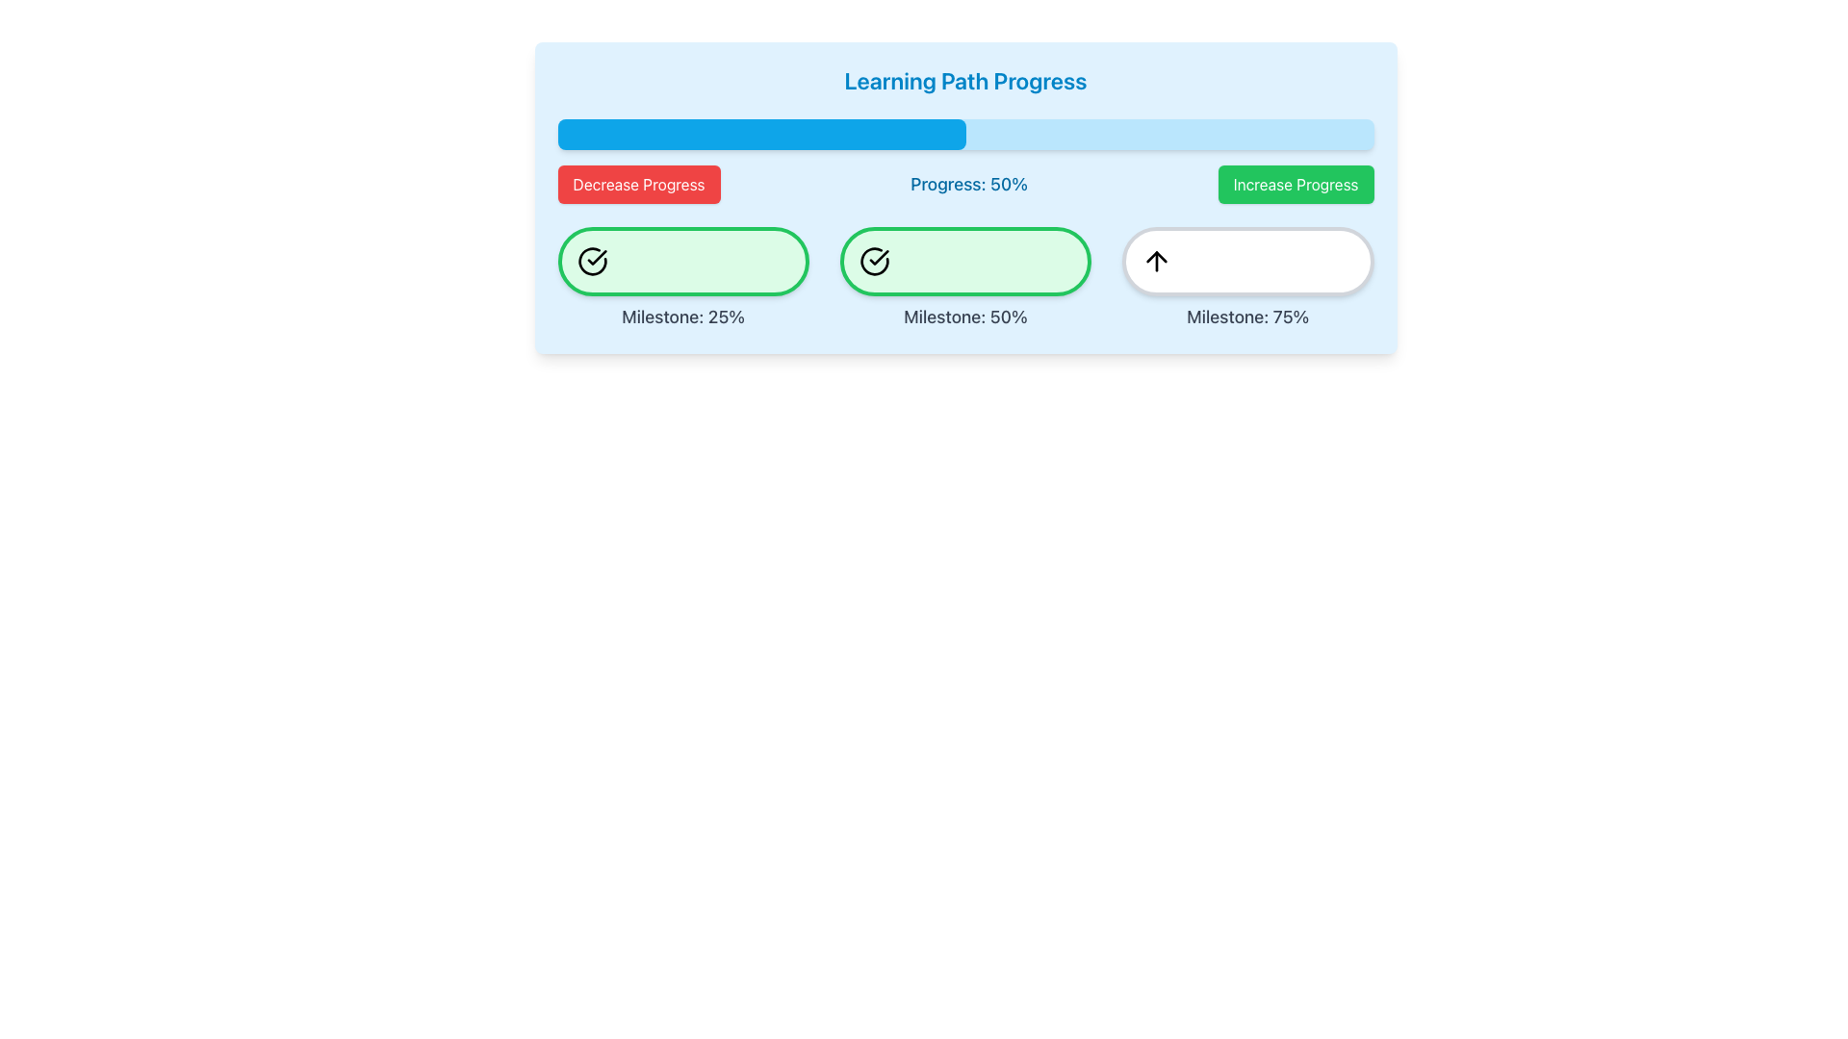 This screenshot has width=1848, height=1039. What do you see at coordinates (969, 185) in the screenshot?
I see `the 'Progress: 50%' label, which is centrally located in the header section` at bounding box center [969, 185].